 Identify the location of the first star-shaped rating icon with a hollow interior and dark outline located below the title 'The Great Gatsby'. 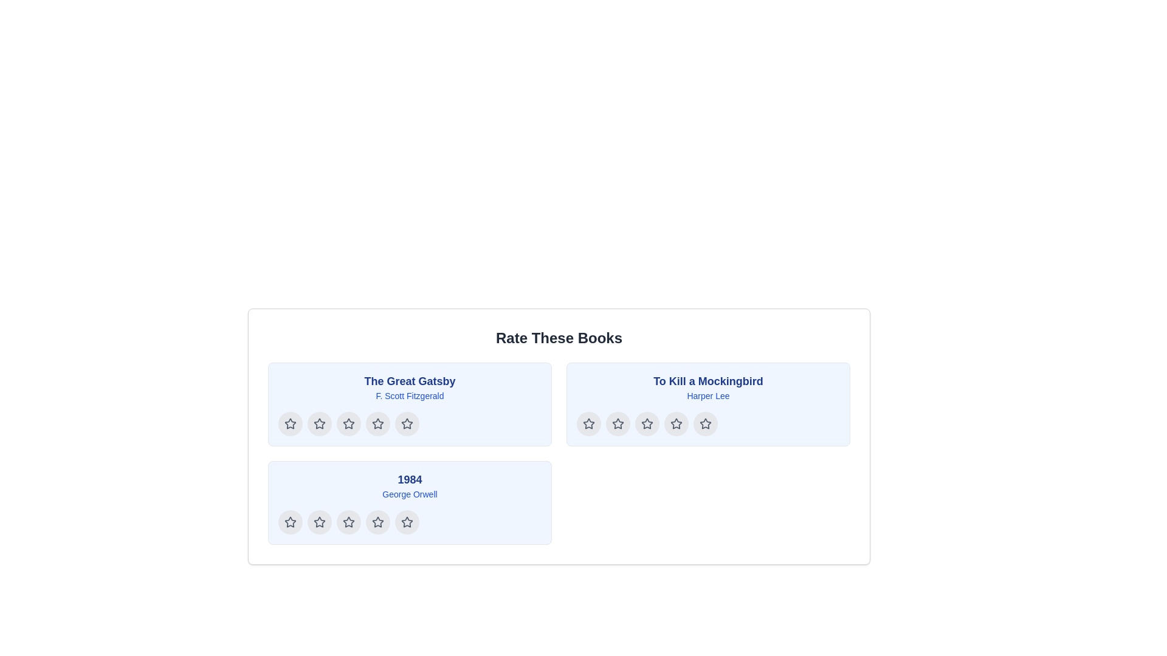
(320, 423).